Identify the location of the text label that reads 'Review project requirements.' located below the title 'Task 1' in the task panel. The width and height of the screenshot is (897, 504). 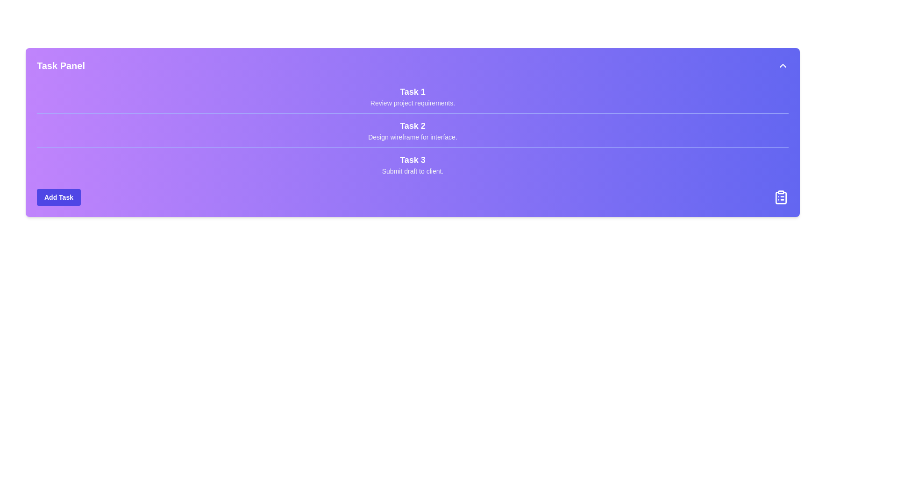
(412, 103).